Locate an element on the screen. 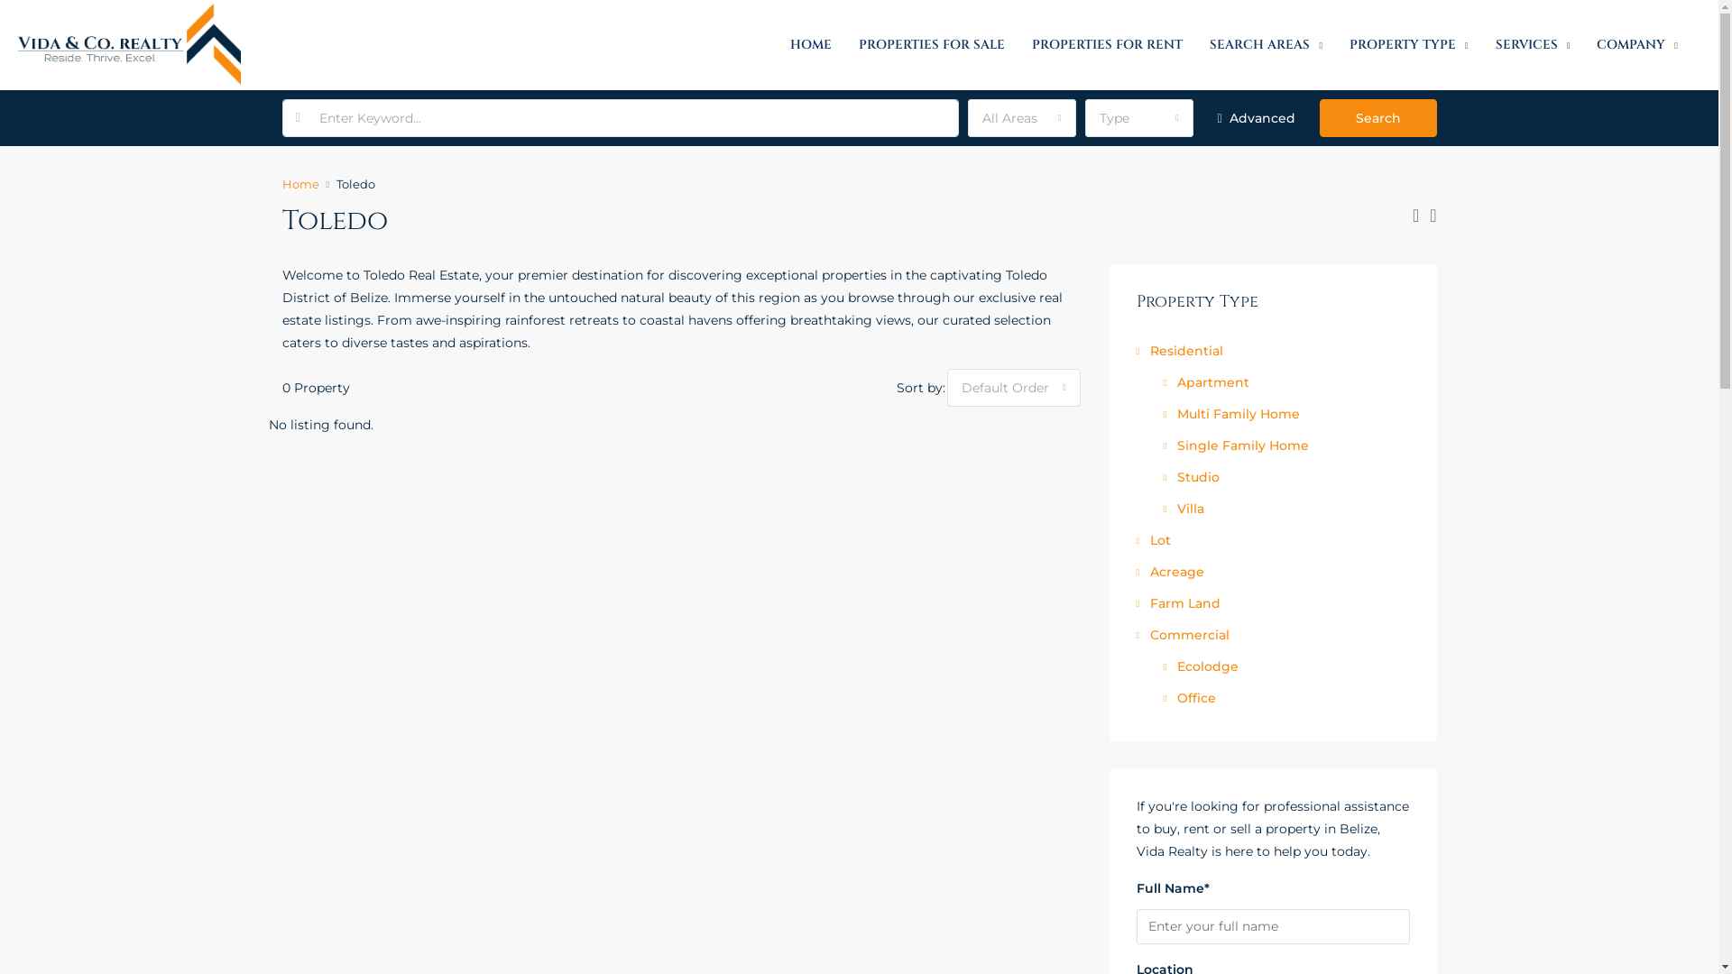 This screenshot has width=1732, height=974. 'Default Order' is located at coordinates (1013, 386).